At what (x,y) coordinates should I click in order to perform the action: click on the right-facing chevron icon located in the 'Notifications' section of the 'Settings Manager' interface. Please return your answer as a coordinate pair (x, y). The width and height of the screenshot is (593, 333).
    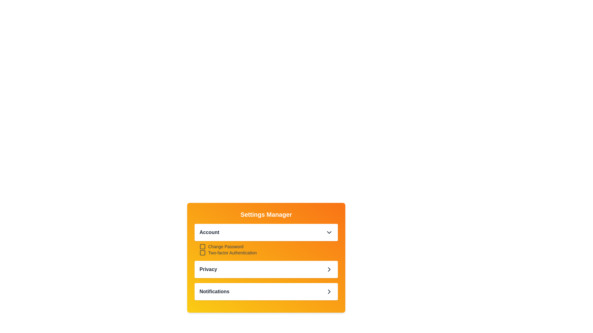
    Looking at the image, I should click on (329, 291).